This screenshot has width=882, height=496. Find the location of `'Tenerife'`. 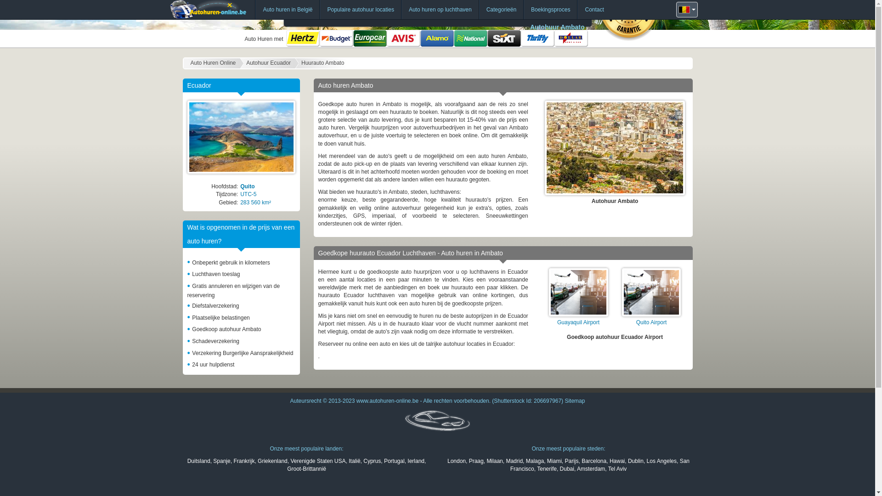

'Tenerife' is located at coordinates (547, 469).